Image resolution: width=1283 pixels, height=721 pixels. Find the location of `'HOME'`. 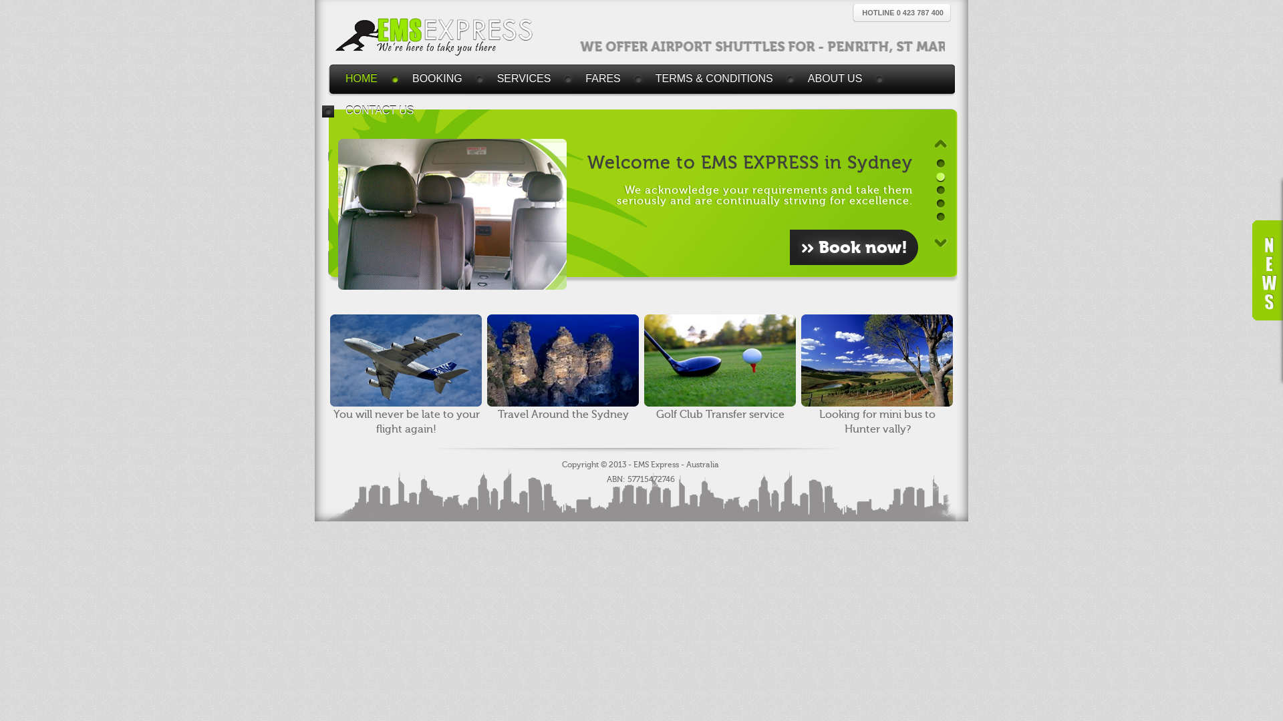

'HOME' is located at coordinates (332, 79).